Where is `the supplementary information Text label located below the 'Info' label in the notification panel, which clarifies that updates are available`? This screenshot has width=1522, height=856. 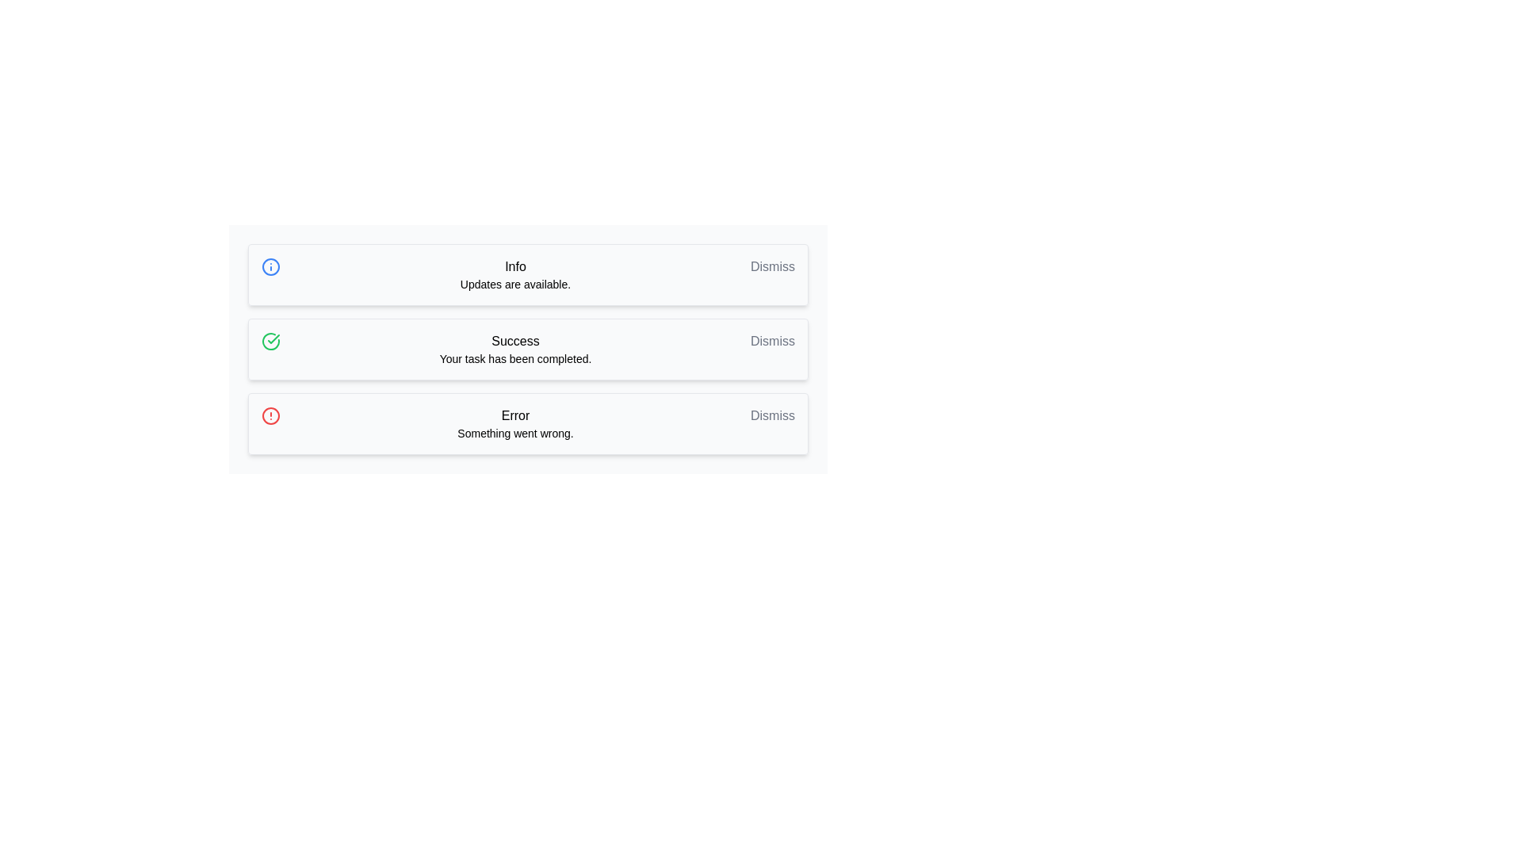 the supplementary information Text label located below the 'Info' label in the notification panel, which clarifies that updates are available is located at coordinates (515, 283).